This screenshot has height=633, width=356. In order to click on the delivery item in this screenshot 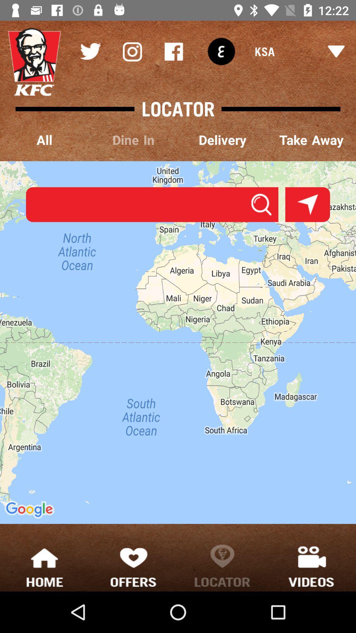, I will do `click(222, 140)`.